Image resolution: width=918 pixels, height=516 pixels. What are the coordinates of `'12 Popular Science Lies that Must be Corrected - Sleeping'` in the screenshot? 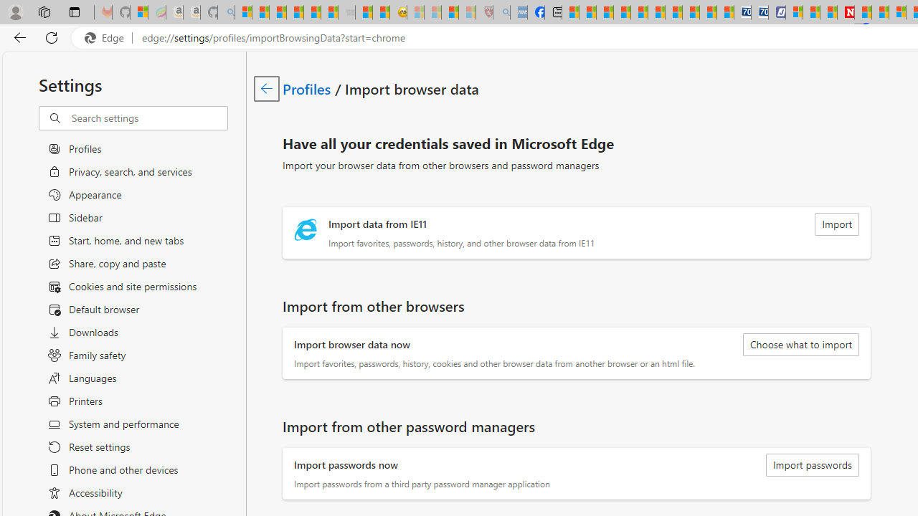 It's located at (467, 12).